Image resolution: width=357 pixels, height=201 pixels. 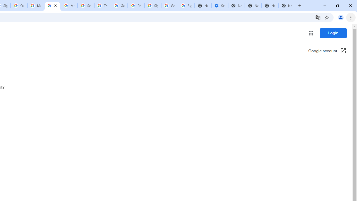 What do you see at coordinates (219, 6) in the screenshot?
I see `'Settings - Performance'` at bounding box center [219, 6].